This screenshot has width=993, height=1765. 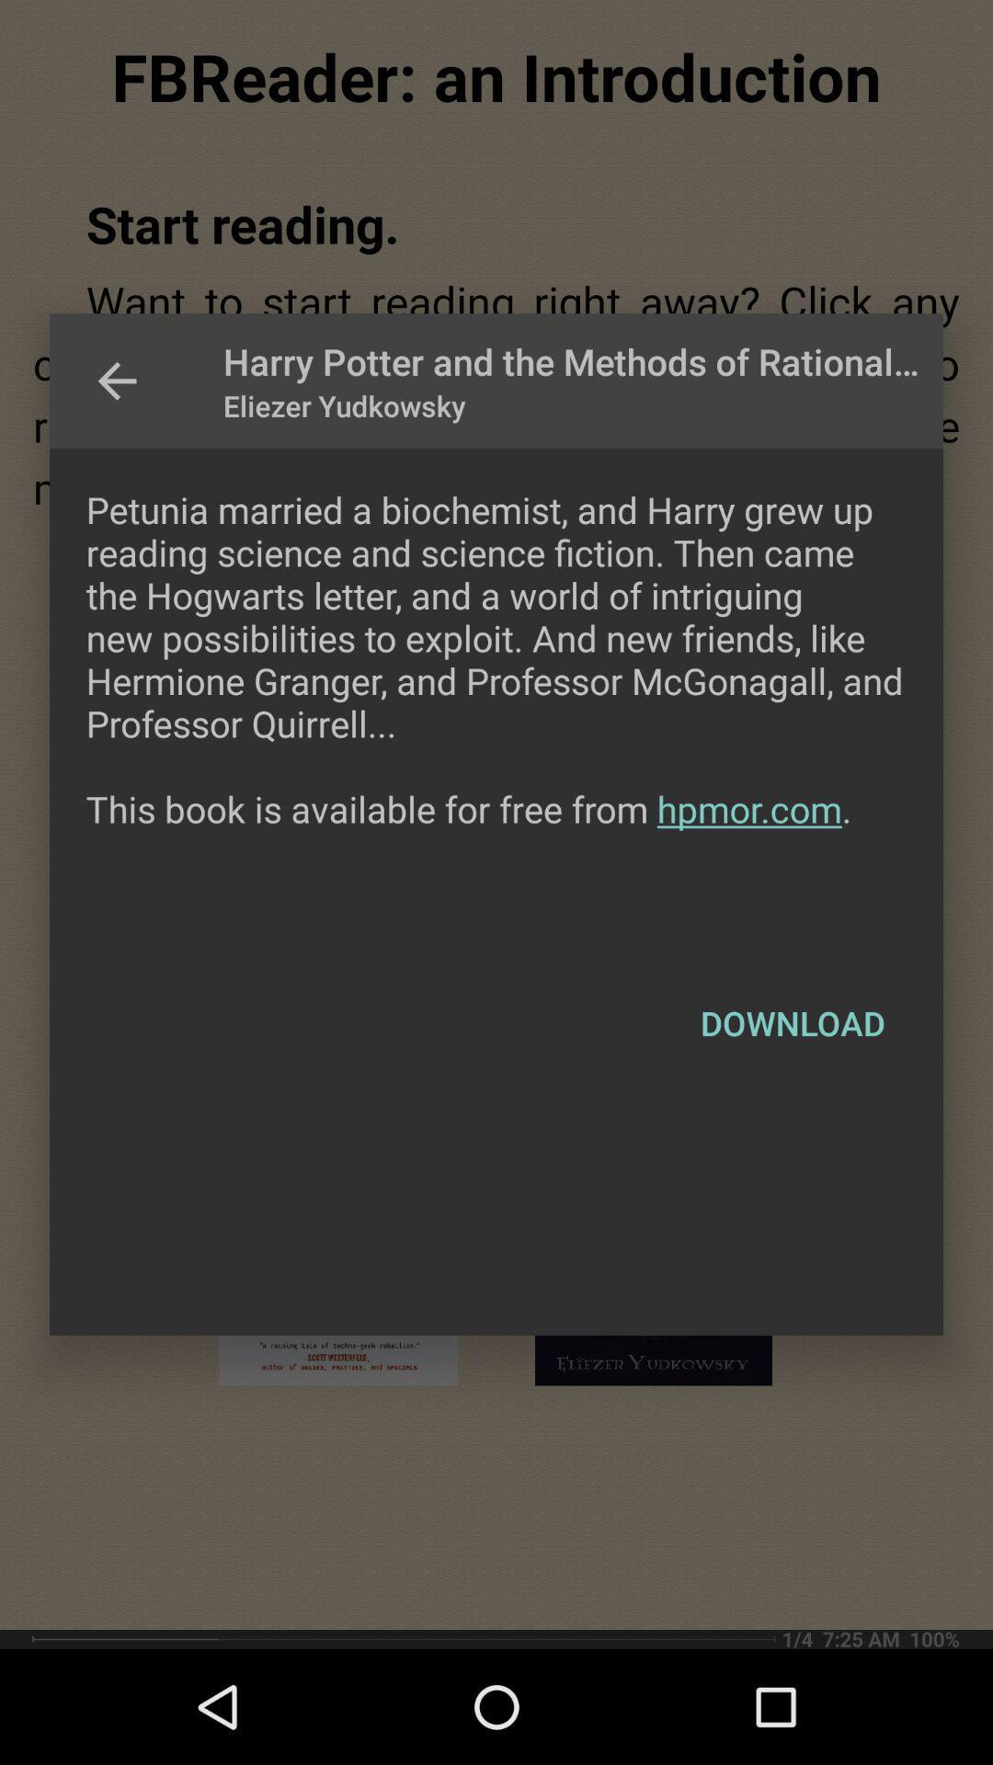 I want to click on the icon next to harry potter and item, so click(x=117, y=380).